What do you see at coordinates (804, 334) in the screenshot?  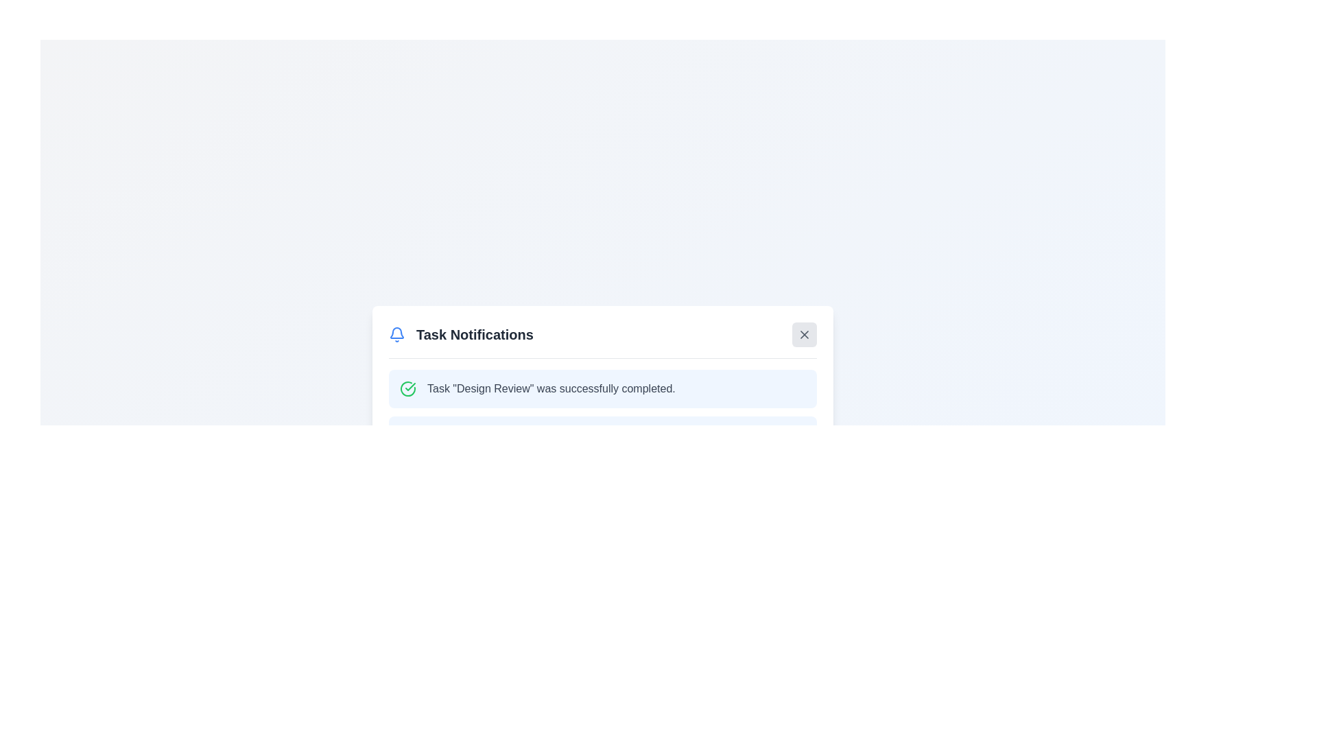 I see `the close button located at the top-right corner of the 'Task Notifications' panel` at bounding box center [804, 334].